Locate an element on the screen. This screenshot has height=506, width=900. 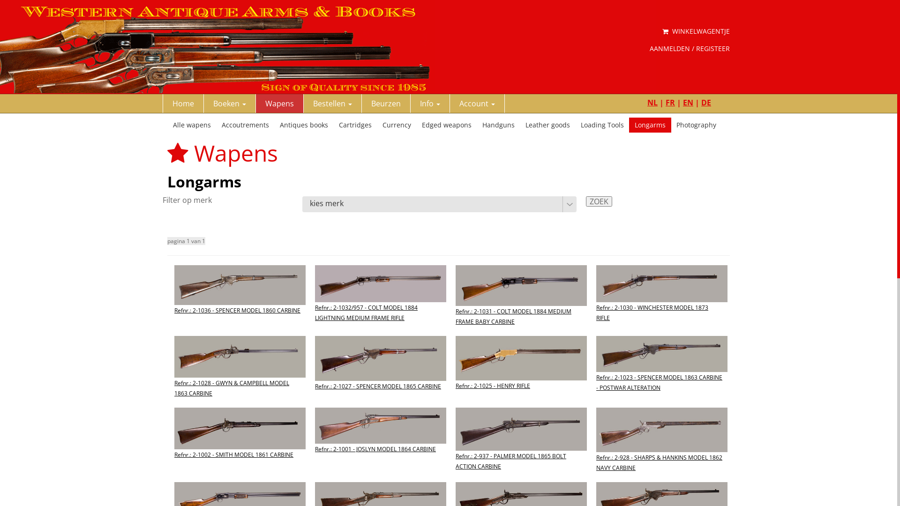
'Boeken' is located at coordinates (203, 103).